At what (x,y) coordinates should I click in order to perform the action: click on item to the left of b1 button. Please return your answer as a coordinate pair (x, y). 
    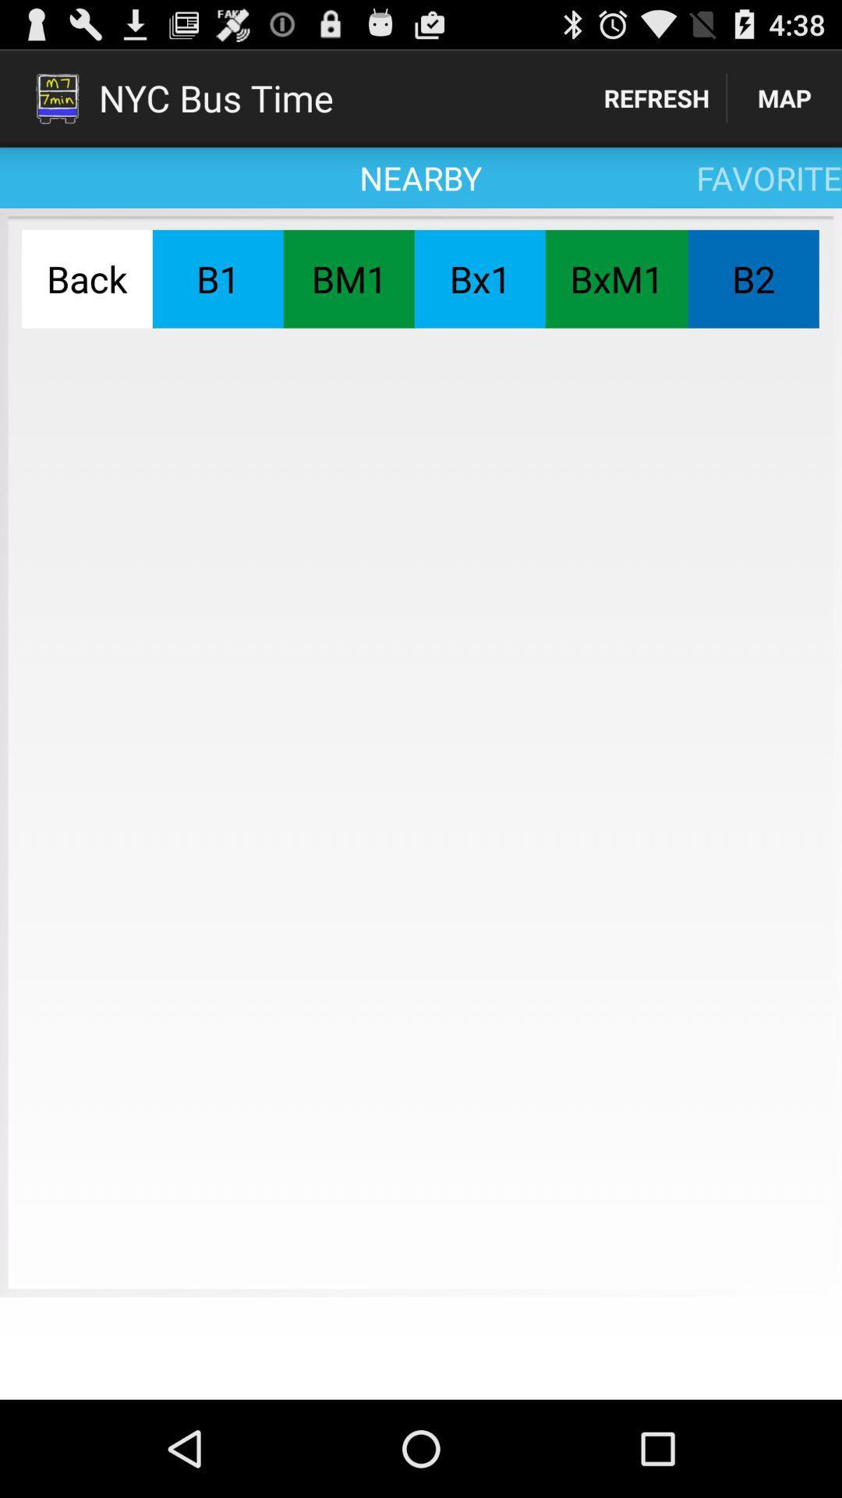
    Looking at the image, I should click on (87, 279).